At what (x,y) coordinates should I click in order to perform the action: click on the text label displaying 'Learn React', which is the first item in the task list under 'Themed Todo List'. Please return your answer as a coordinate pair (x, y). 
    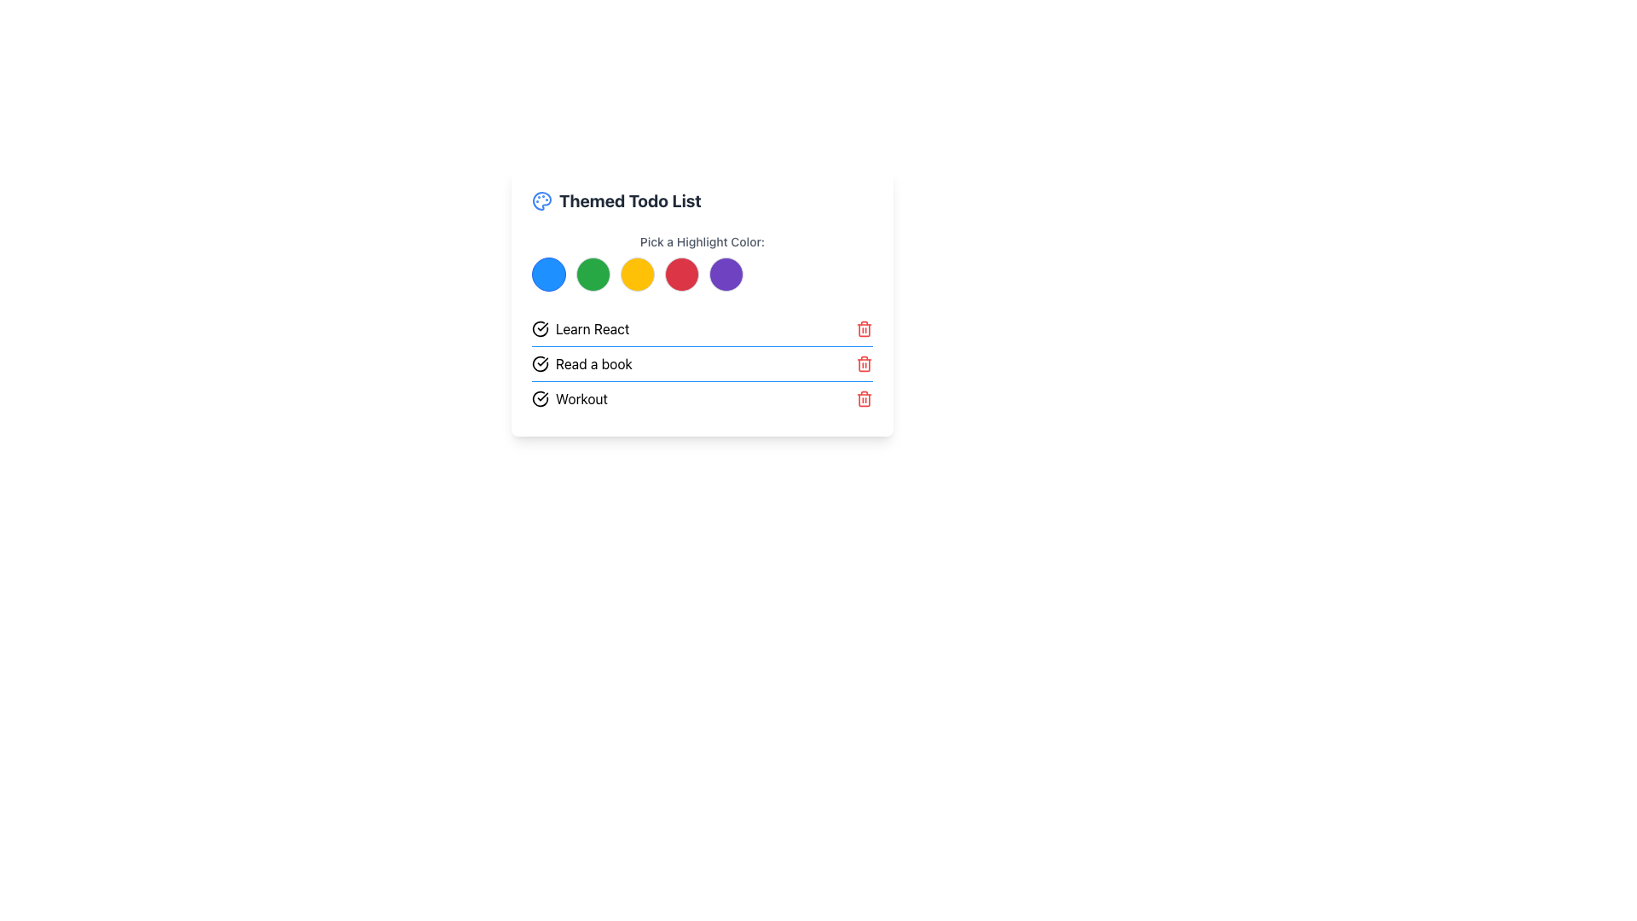
    Looking at the image, I should click on (581, 328).